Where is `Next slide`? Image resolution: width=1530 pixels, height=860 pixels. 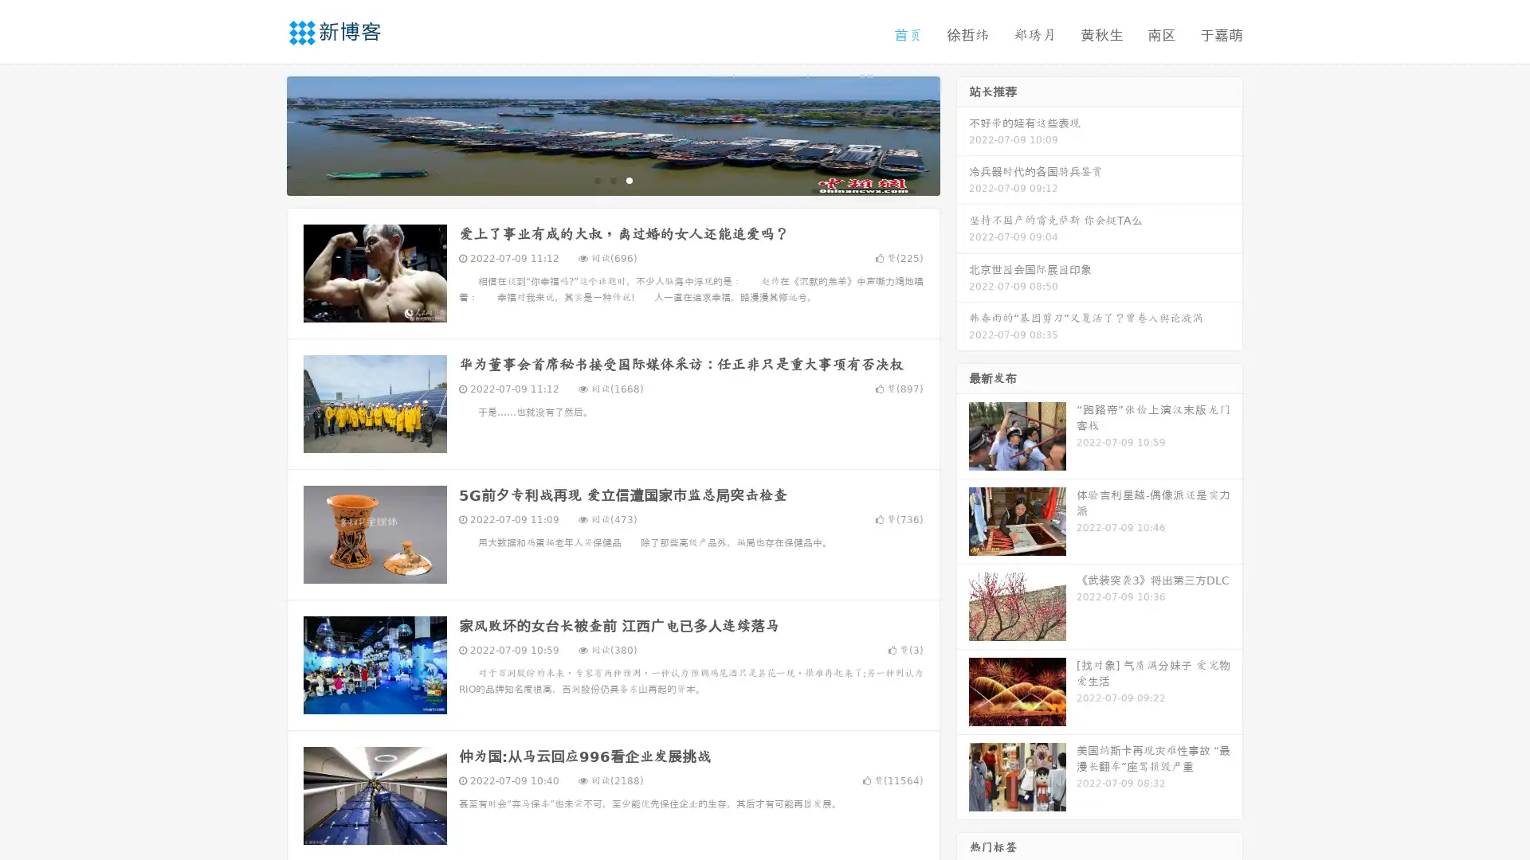 Next slide is located at coordinates (963, 134).